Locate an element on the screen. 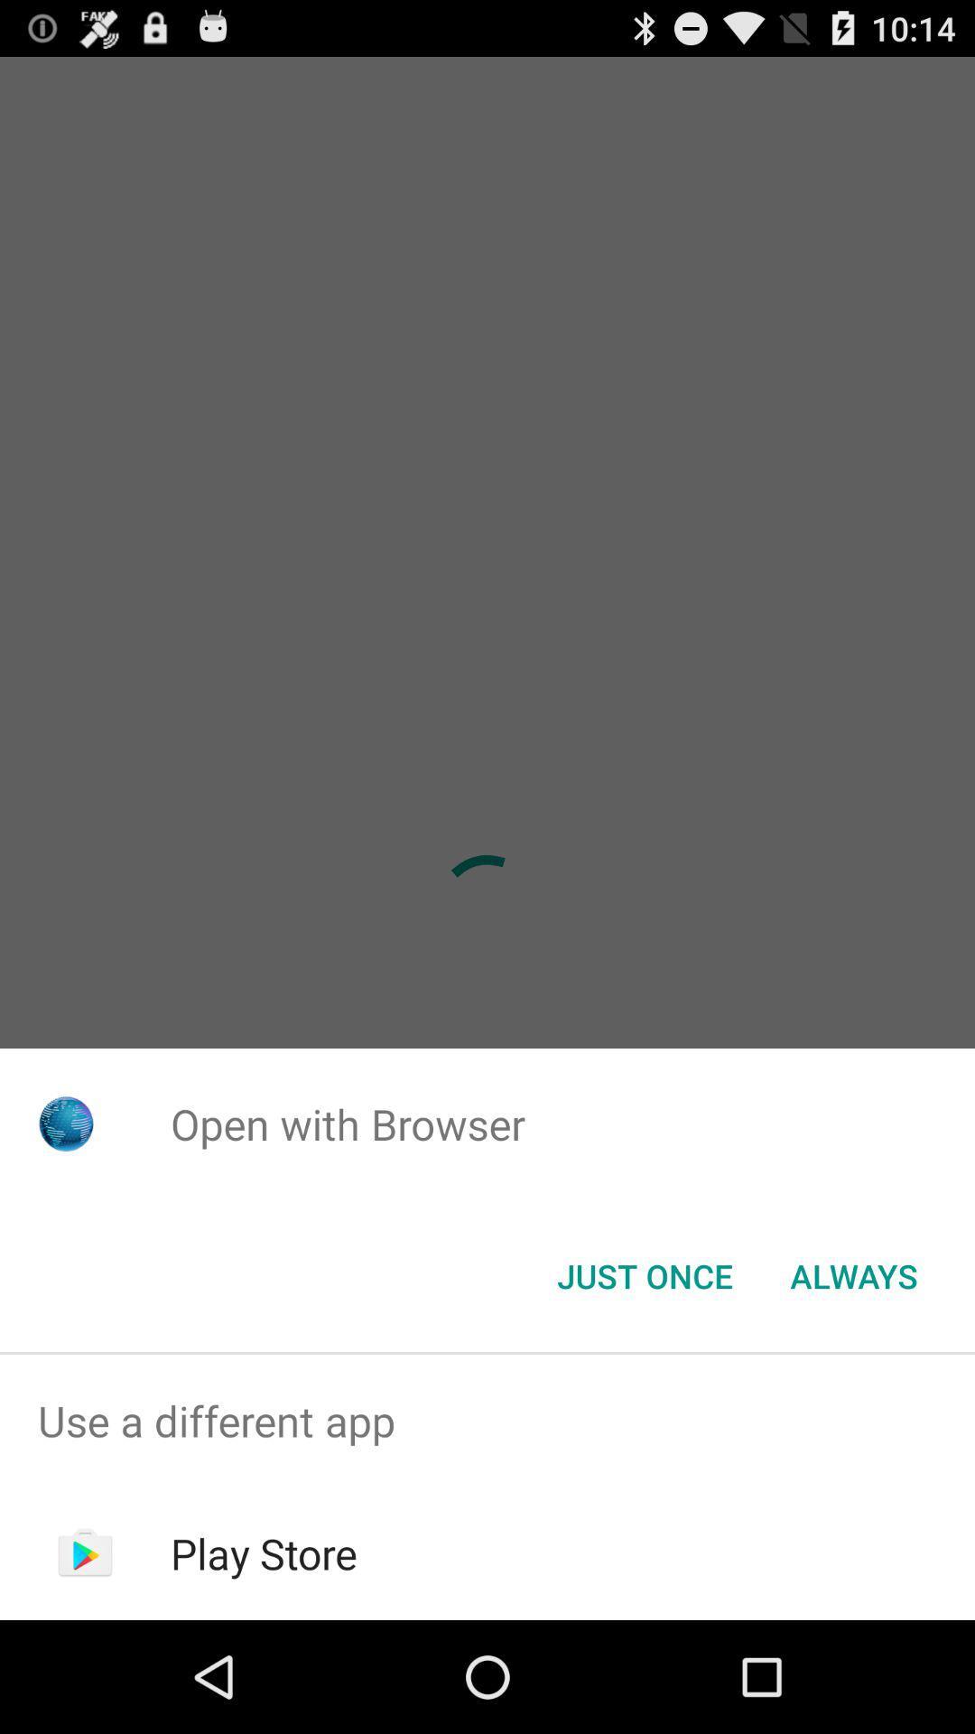 This screenshot has width=975, height=1734. use a different app is located at coordinates (487, 1420).